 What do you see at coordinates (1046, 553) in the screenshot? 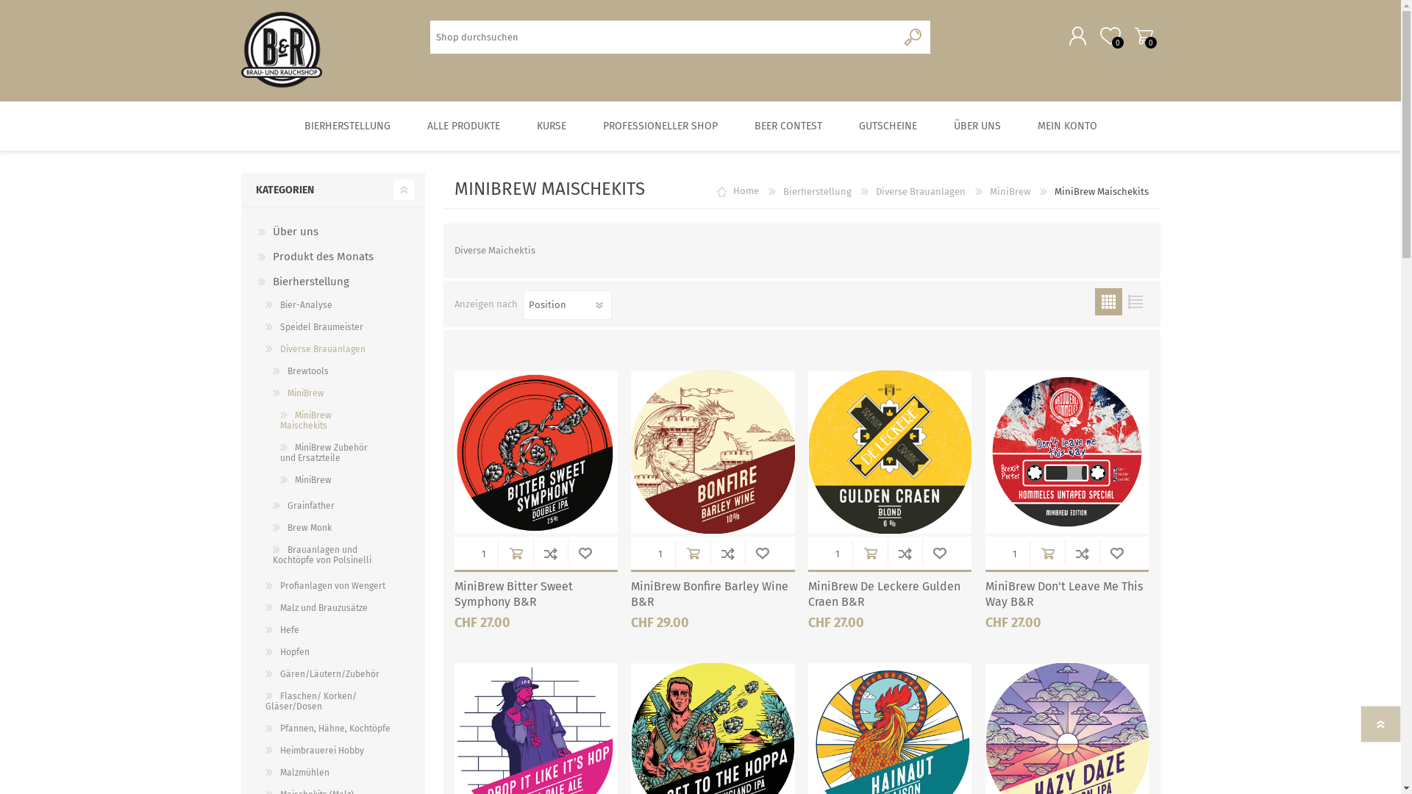
I see `'in Warenkorb'` at bounding box center [1046, 553].